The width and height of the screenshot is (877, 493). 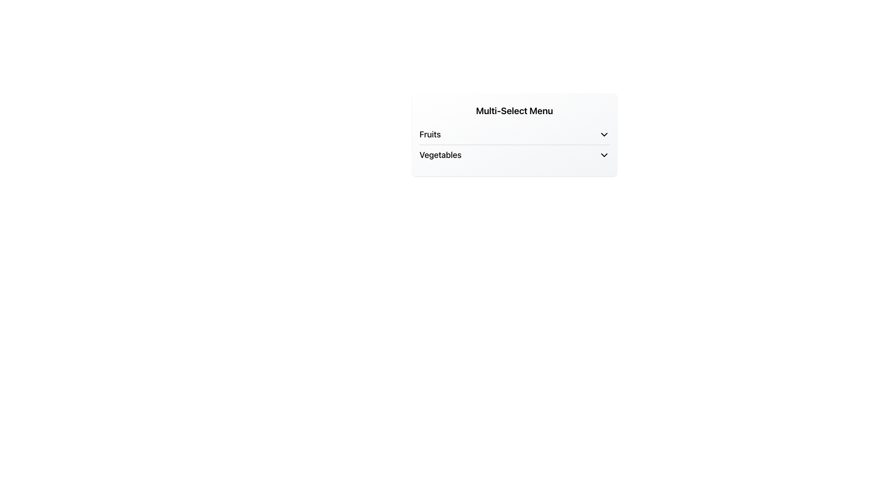 What do you see at coordinates (604, 134) in the screenshot?
I see `the dropdown toggle icon for the 'Fruits' item in the multi-select menu` at bounding box center [604, 134].